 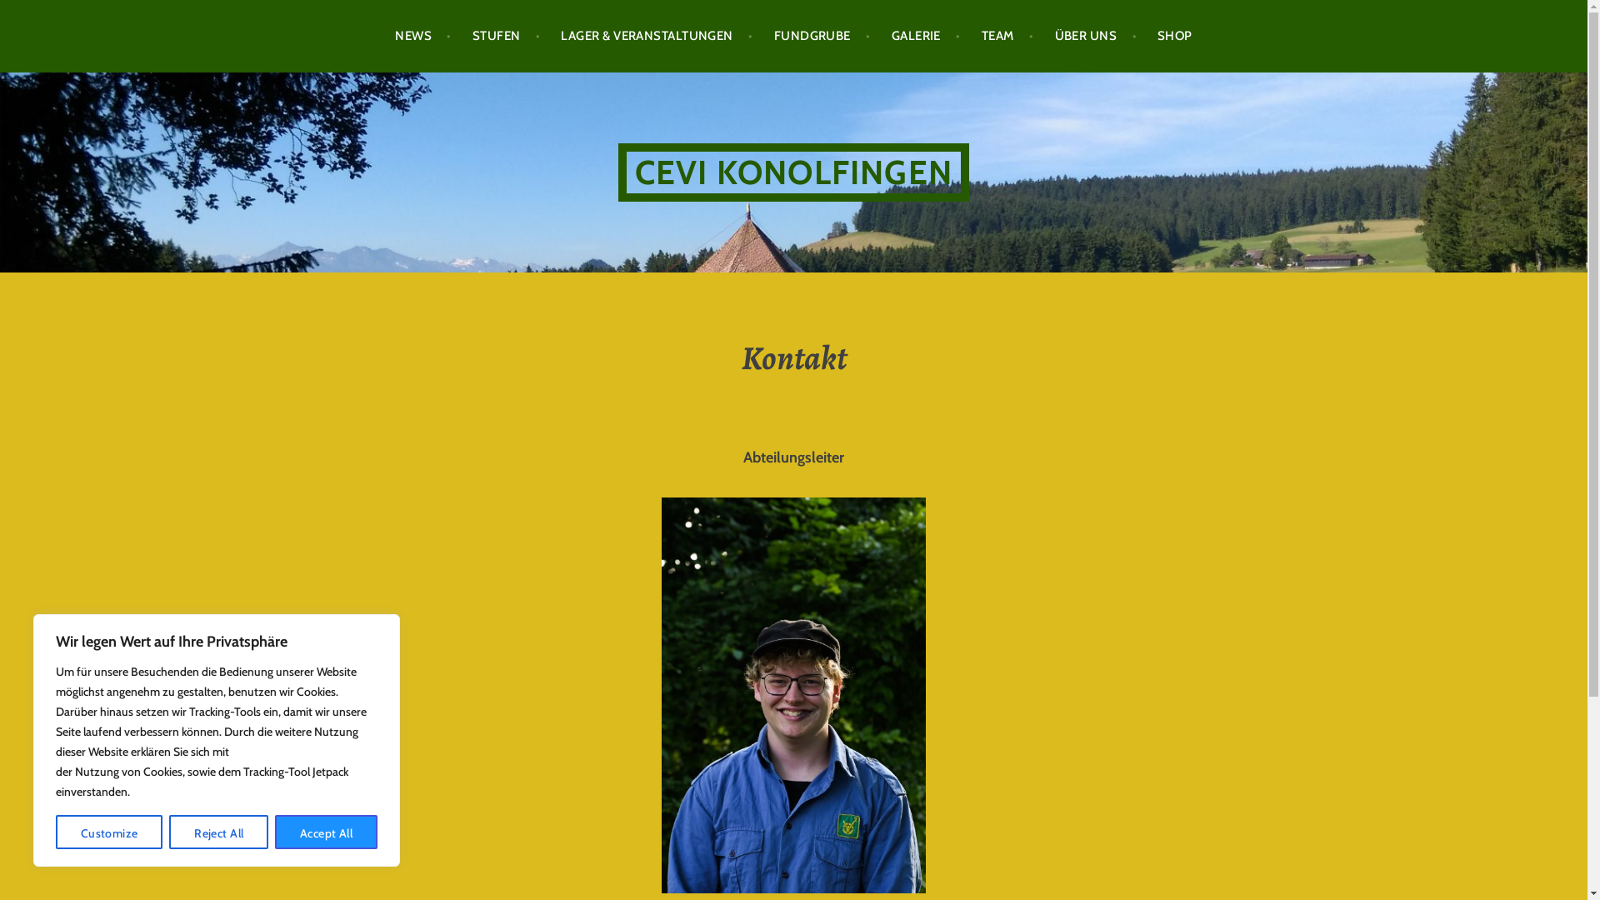 I want to click on 'Customize', so click(x=107, y=832).